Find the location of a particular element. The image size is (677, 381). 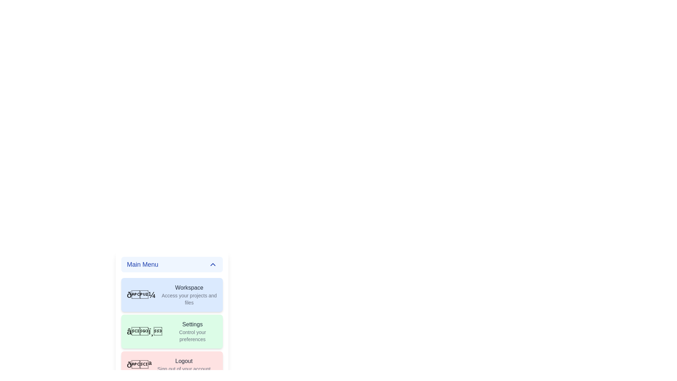

the text label that reads 'Access your projects and files', which is located below the 'Workspace' heading within a light blue section box is located at coordinates (189, 299).